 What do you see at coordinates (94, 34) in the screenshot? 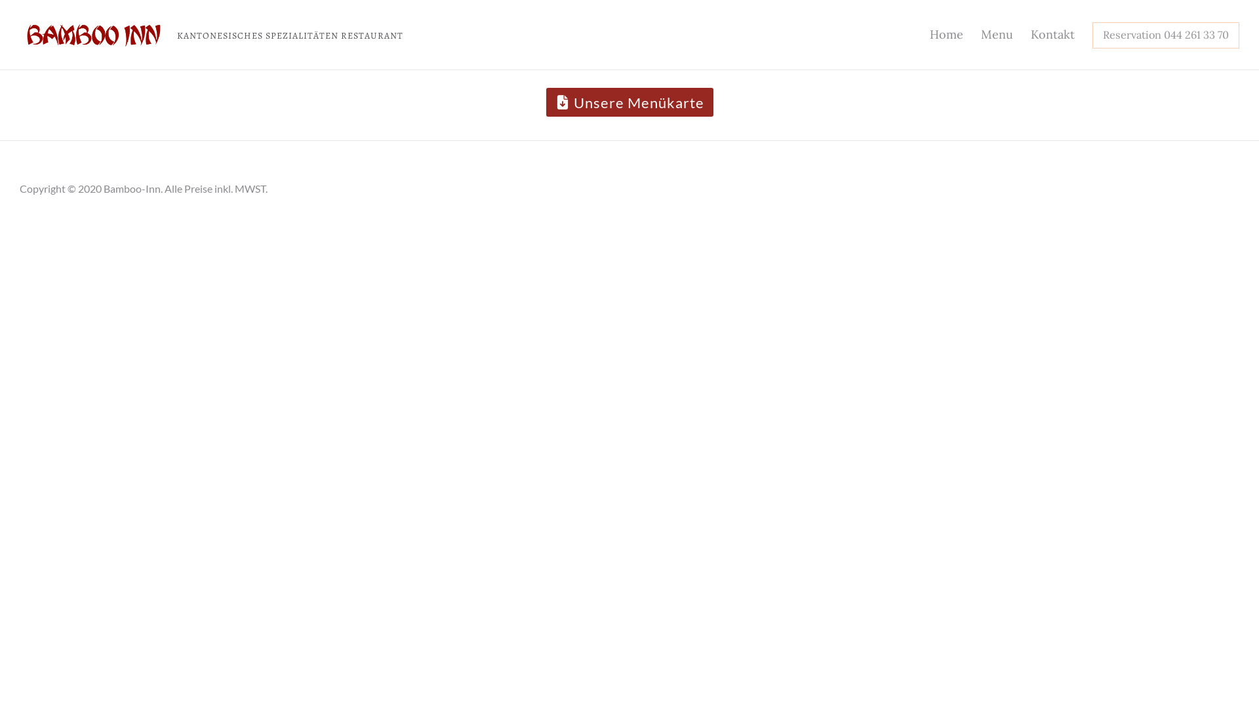
I see `'logo'` at bounding box center [94, 34].